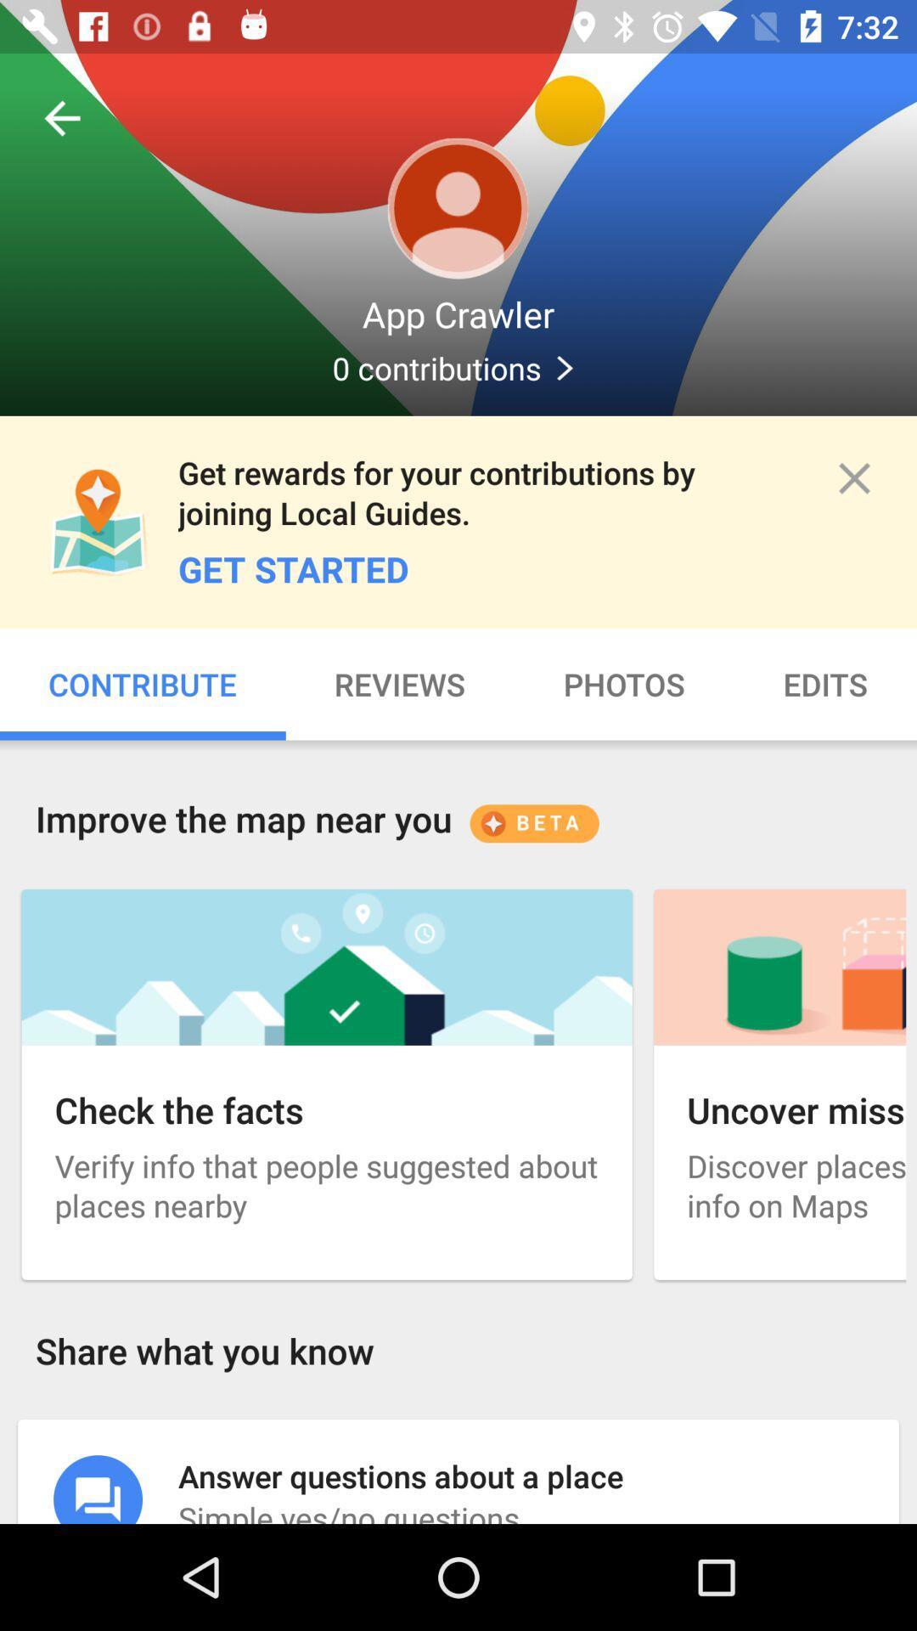 Image resolution: width=917 pixels, height=1631 pixels. Describe the element at coordinates (61, 117) in the screenshot. I see `the item above the app crawler` at that location.